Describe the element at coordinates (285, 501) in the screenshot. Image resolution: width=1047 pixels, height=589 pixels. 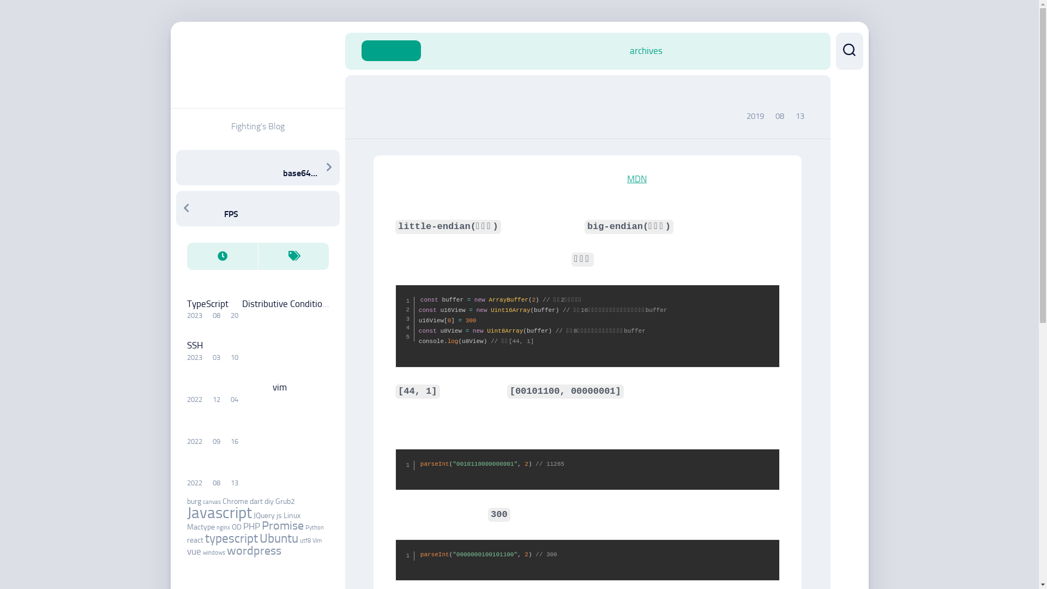
I see `'Grub2'` at that location.